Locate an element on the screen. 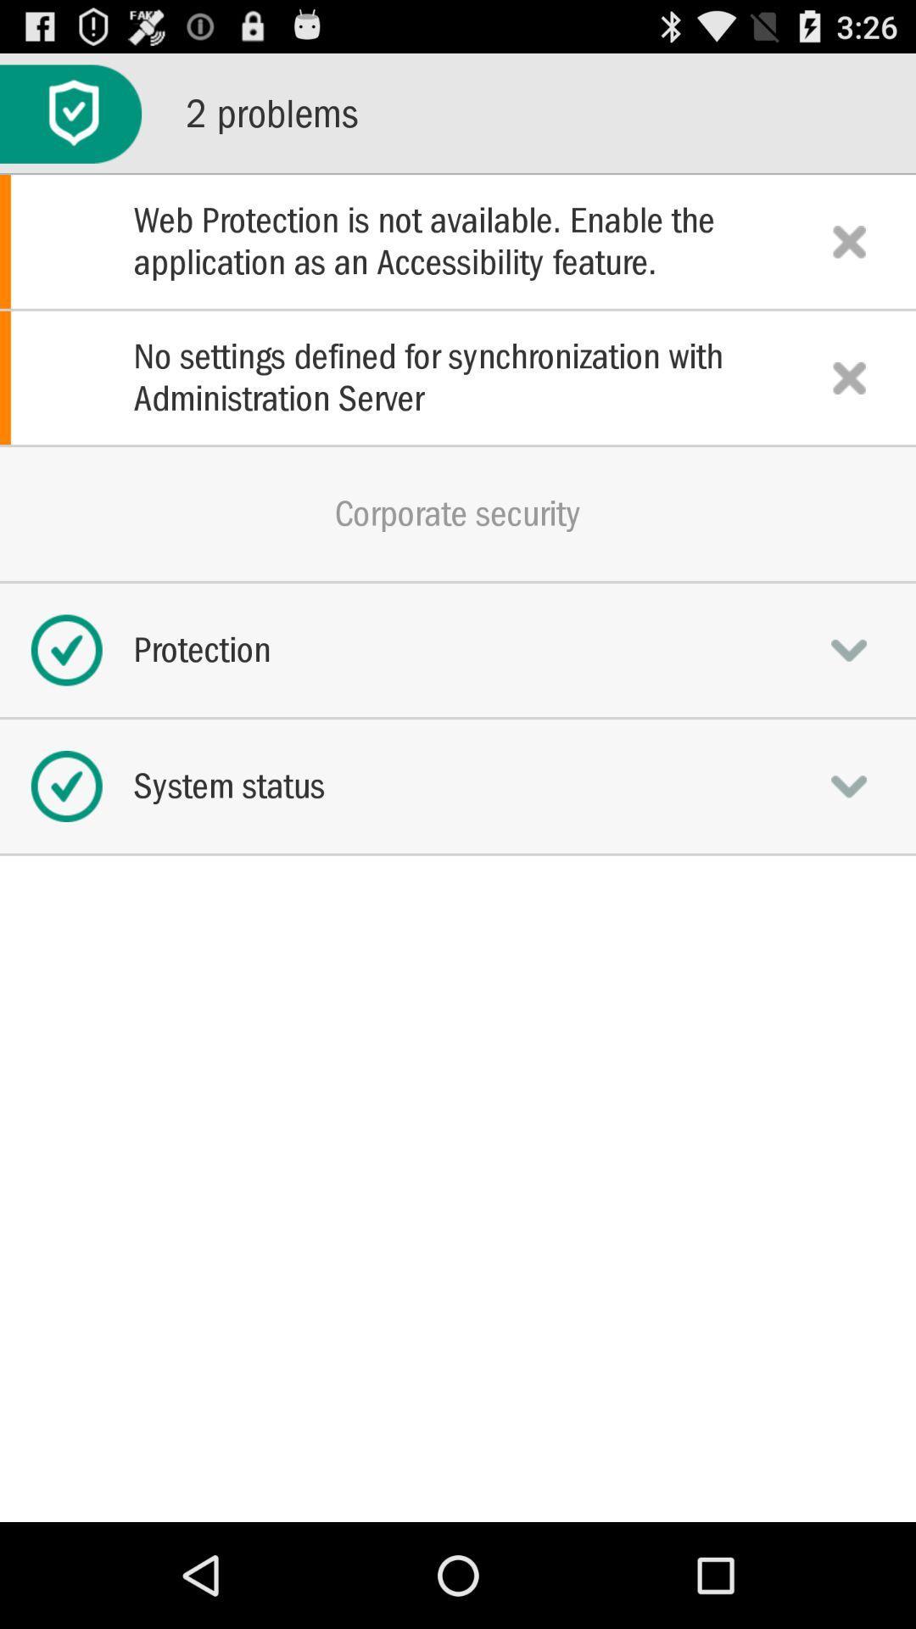 Image resolution: width=916 pixels, height=1629 pixels. the corporate security is located at coordinates (458, 512).